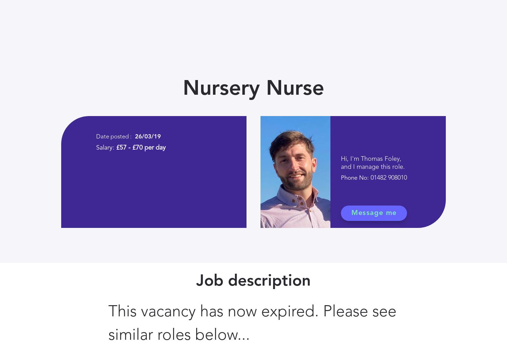 The width and height of the screenshot is (507, 352). Describe the element at coordinates (168, 20) in the screenshot. I see `'Level 1 SEND Teaching Assistant'` at that location.